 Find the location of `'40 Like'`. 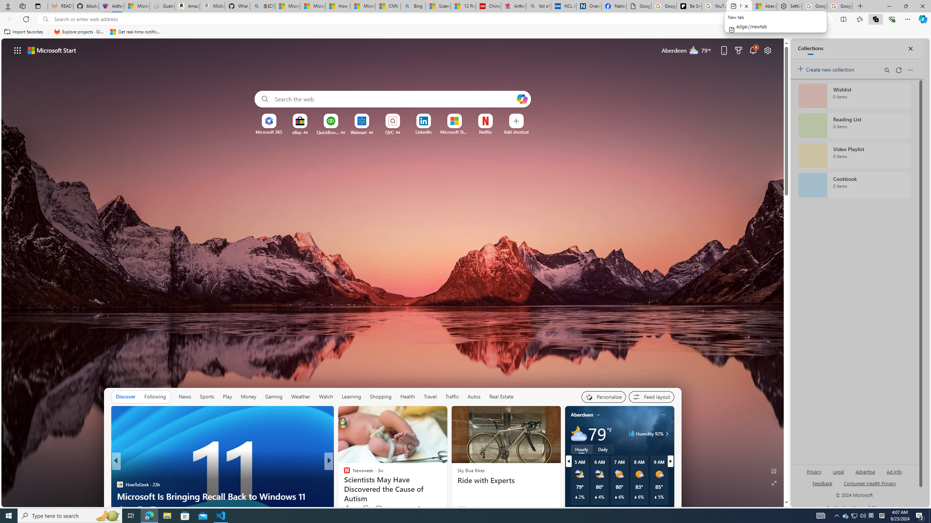

'40 Like' is located at coordinates (347, 509).